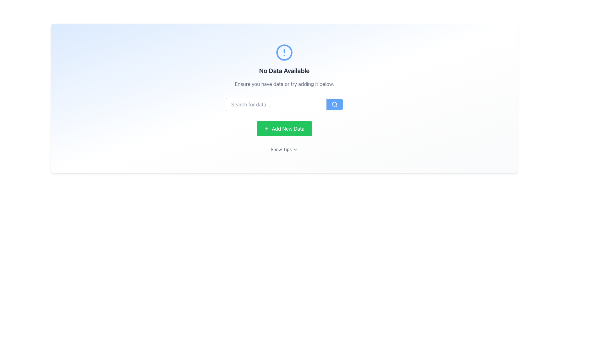  Describe the element at coordinates (267, 128) in the screenshot. I see `the plus icon within the 'Add New Data' green button, which is located towards the center lower region of the interface, adjacent to the text label` at that location.